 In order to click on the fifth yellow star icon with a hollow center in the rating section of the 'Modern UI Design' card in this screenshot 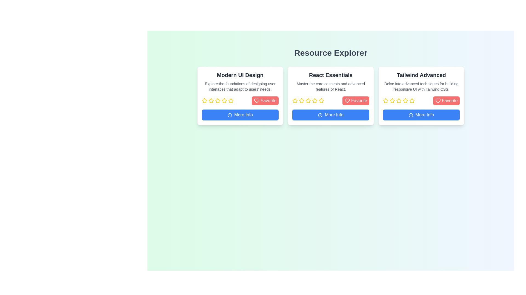, I will do `click(217, 101)`.